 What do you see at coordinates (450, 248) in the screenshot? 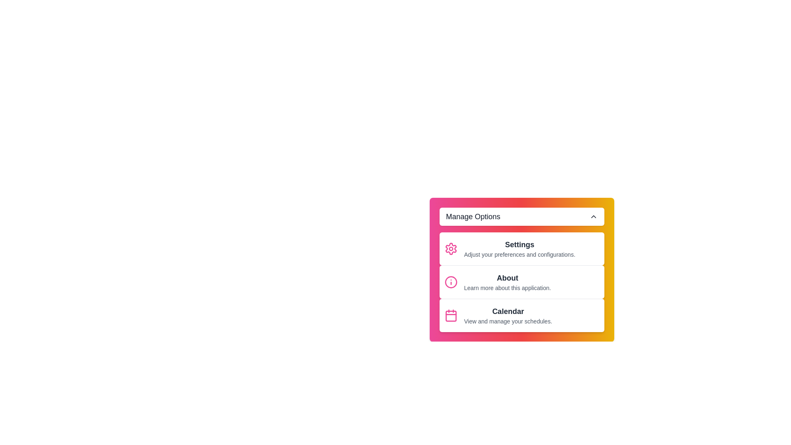
I see `the icon for Settings` at bounding box center [450, 248].